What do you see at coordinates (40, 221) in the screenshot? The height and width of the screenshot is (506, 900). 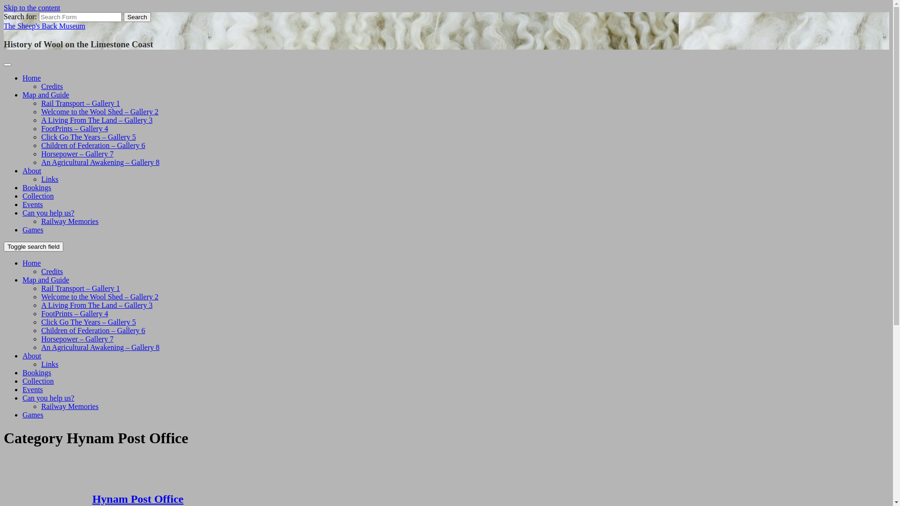 I see `'Railway Memories'` at bounding box center [40, 221].